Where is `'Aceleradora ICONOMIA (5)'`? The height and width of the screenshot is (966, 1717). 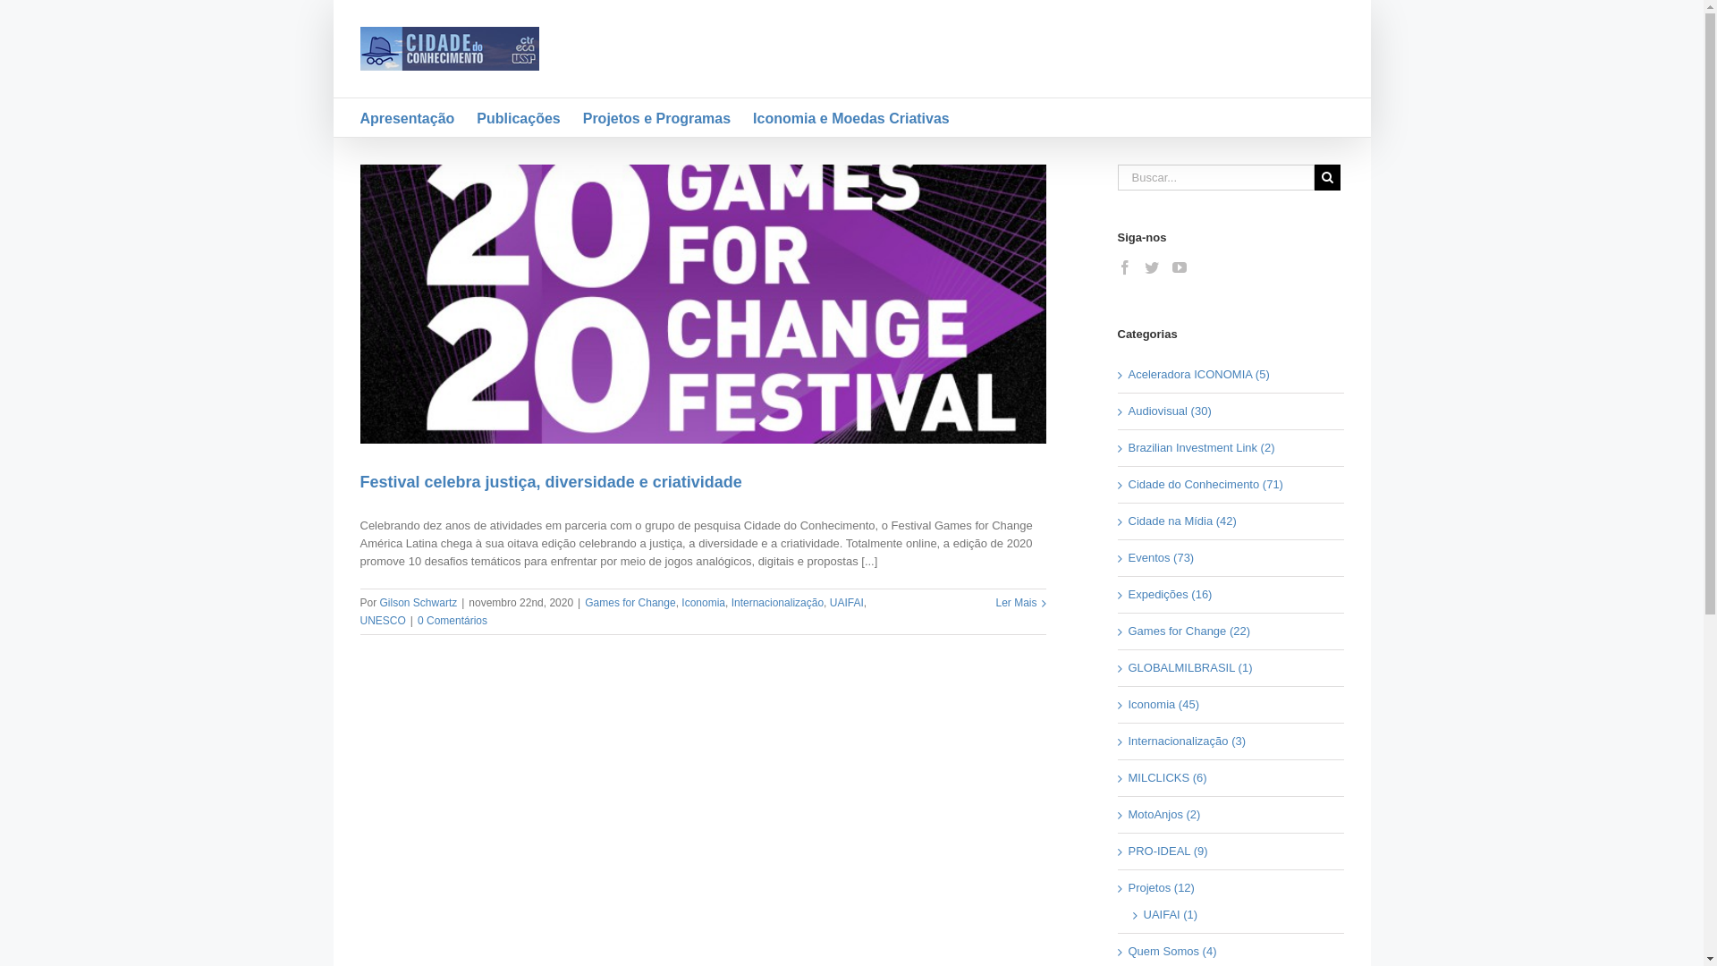
'Aceleradora ICONOMIA (5)' is located at coordinates (1231, 374).